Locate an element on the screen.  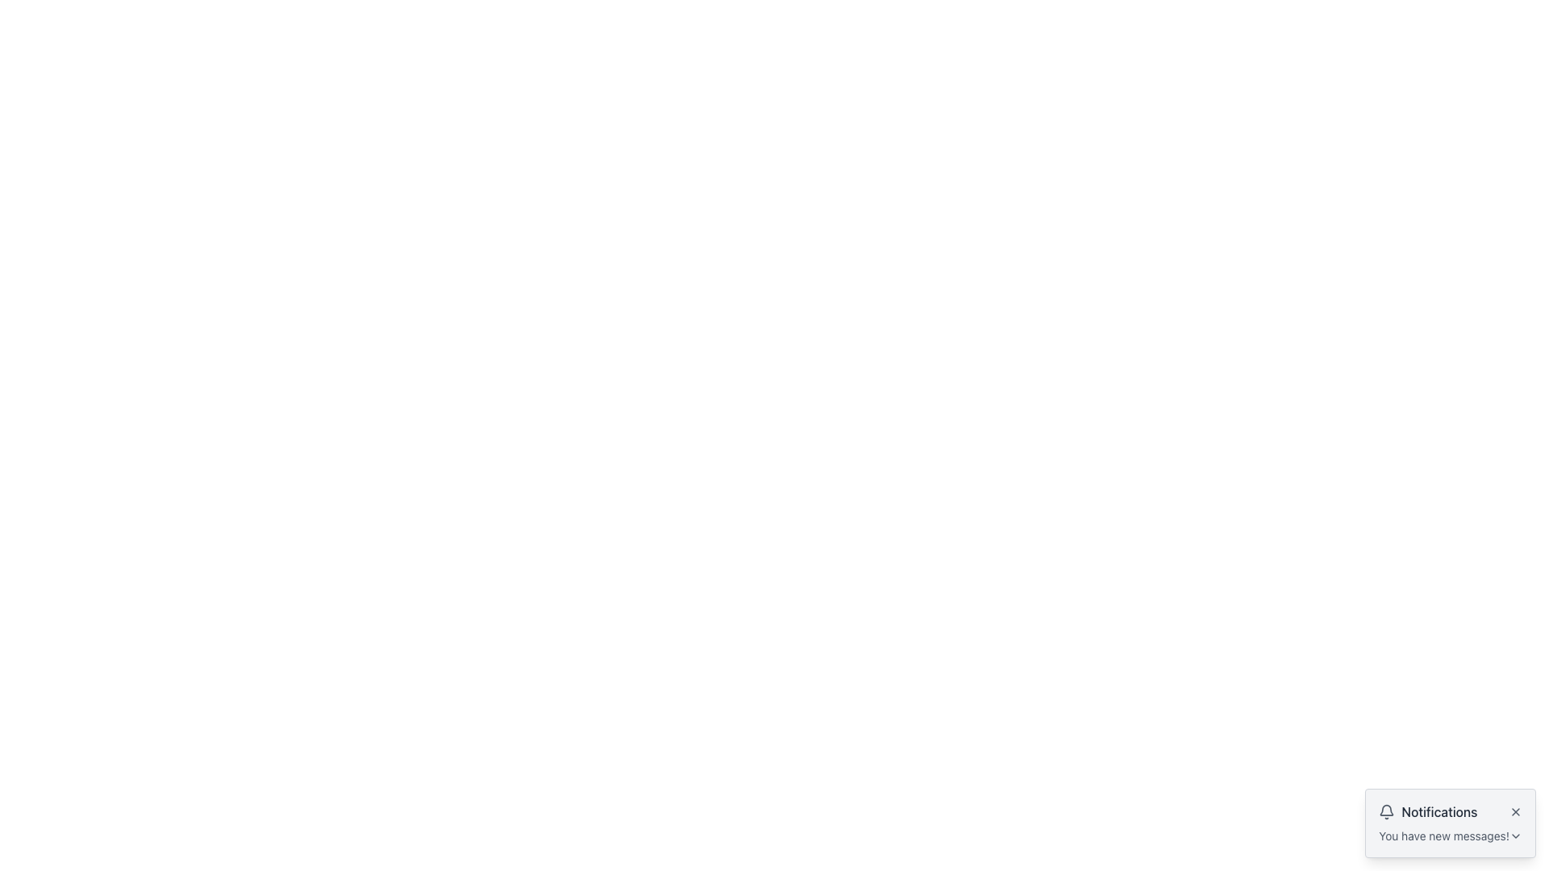
the downward-pointing chevron icon located at the rightmost part of the notification interface is located at coordinates (1514, 836).